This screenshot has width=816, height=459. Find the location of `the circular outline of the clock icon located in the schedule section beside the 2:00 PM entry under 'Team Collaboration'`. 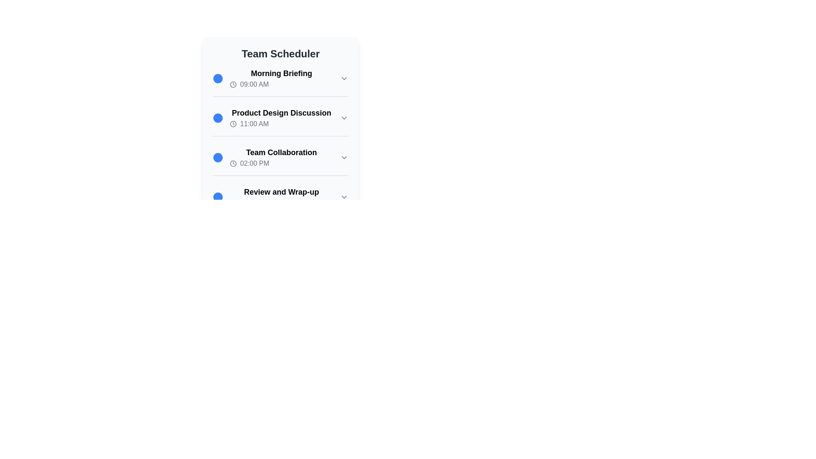

the circular outline of the clock icon located in the schedule section beside the 2:00 PM entry under 'Team Collaboration' is located at coordinates (233, 164).